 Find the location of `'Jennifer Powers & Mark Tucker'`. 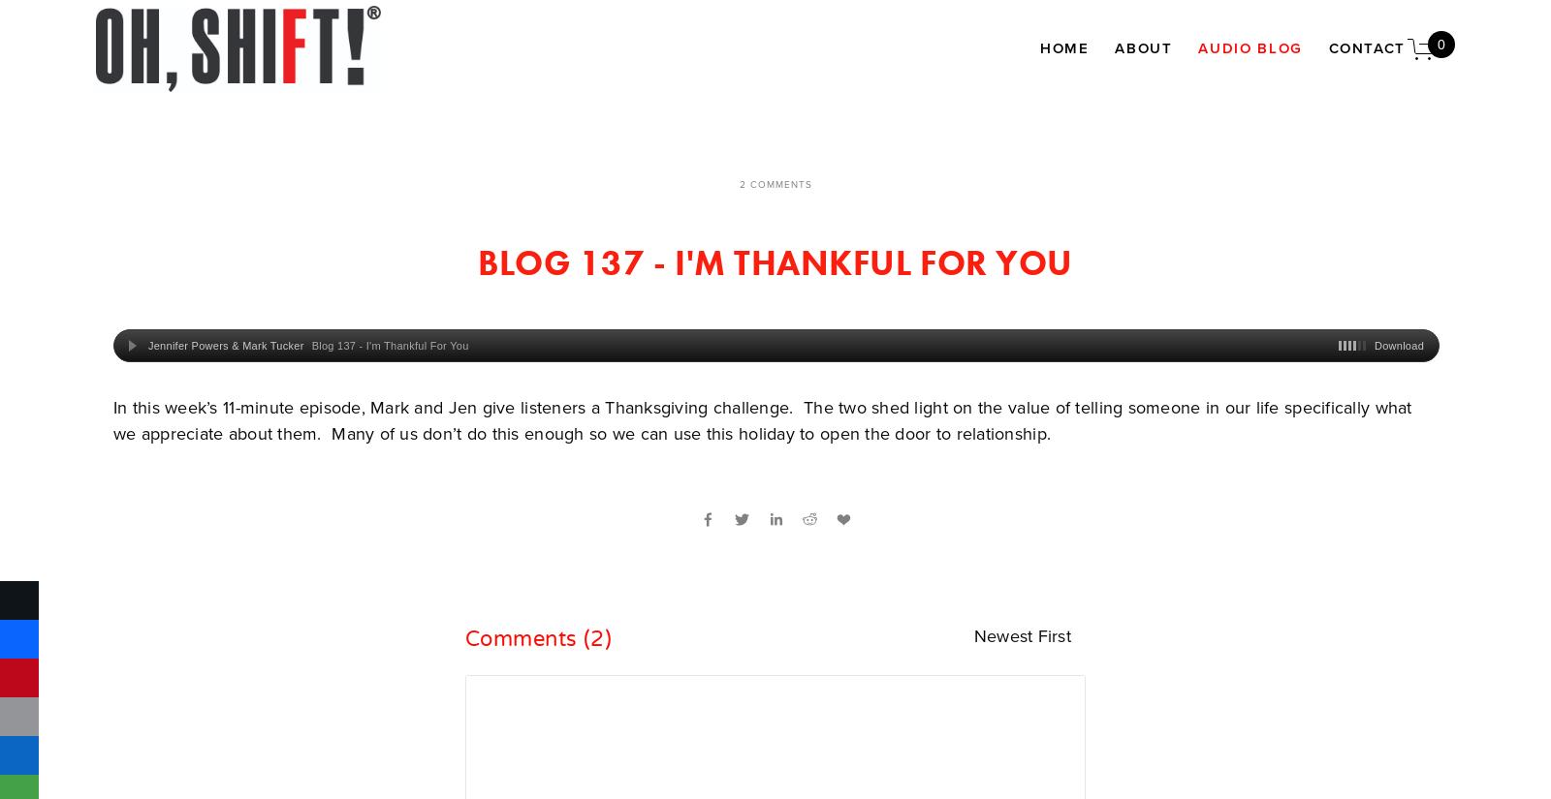

'Jennifer Powers & Mark Tucker' is located at coordinates (225, 344).